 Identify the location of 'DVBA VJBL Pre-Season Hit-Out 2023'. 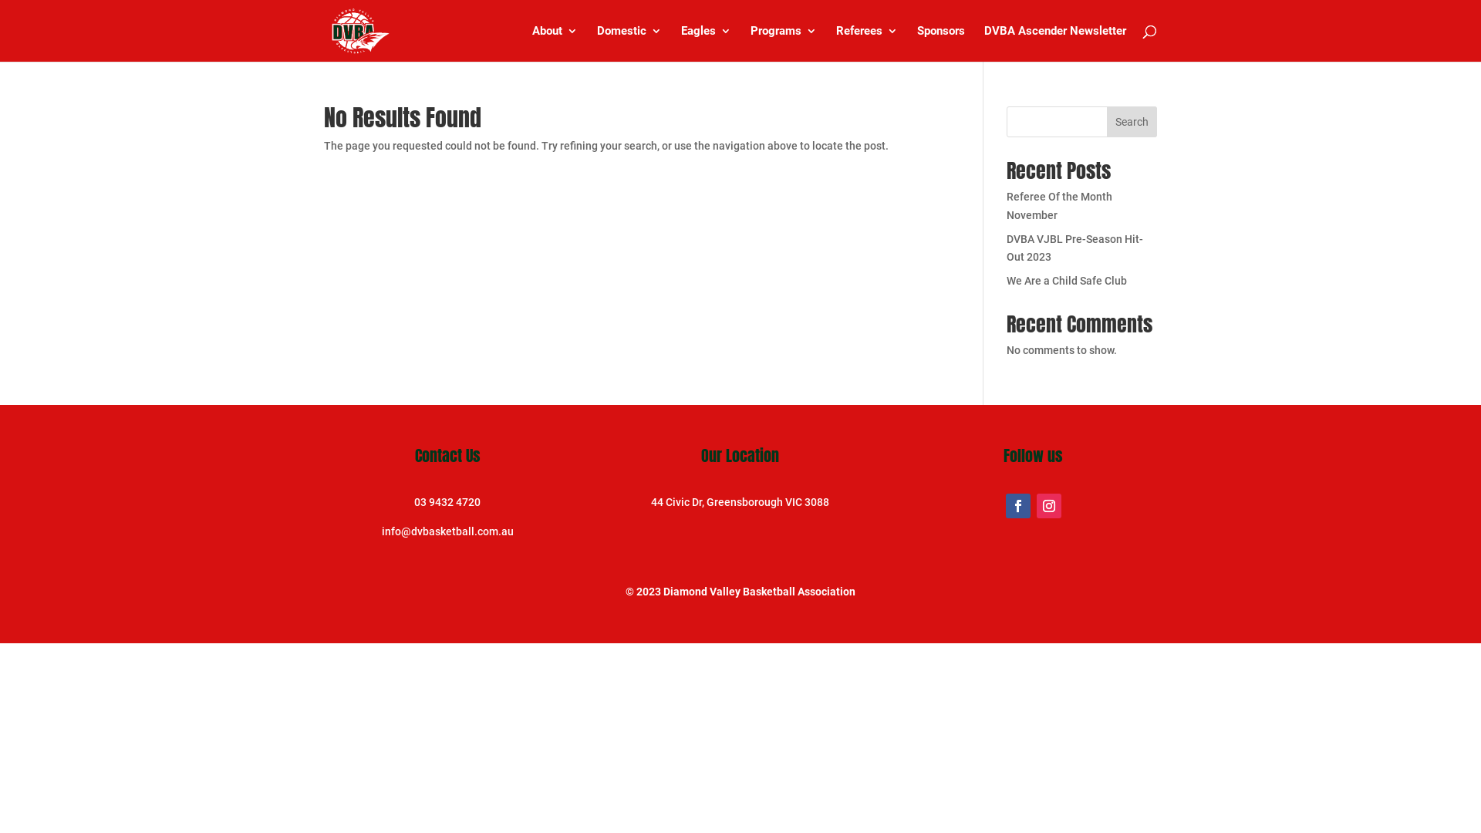
(1007, 247).